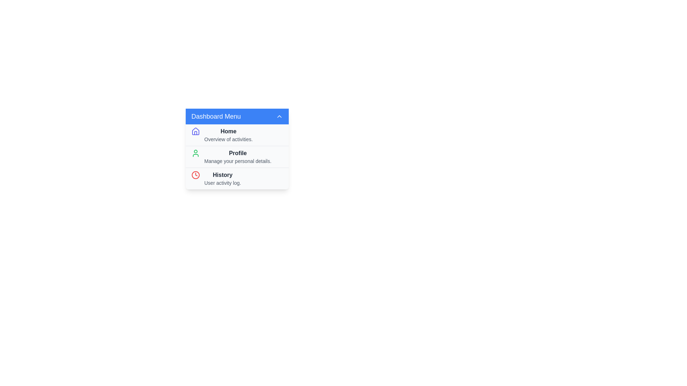  I want to click on descriptive text label located directly below the 'Home' menu option in the Dashboard Menu interface to understand its purpose, so click(228, 139).